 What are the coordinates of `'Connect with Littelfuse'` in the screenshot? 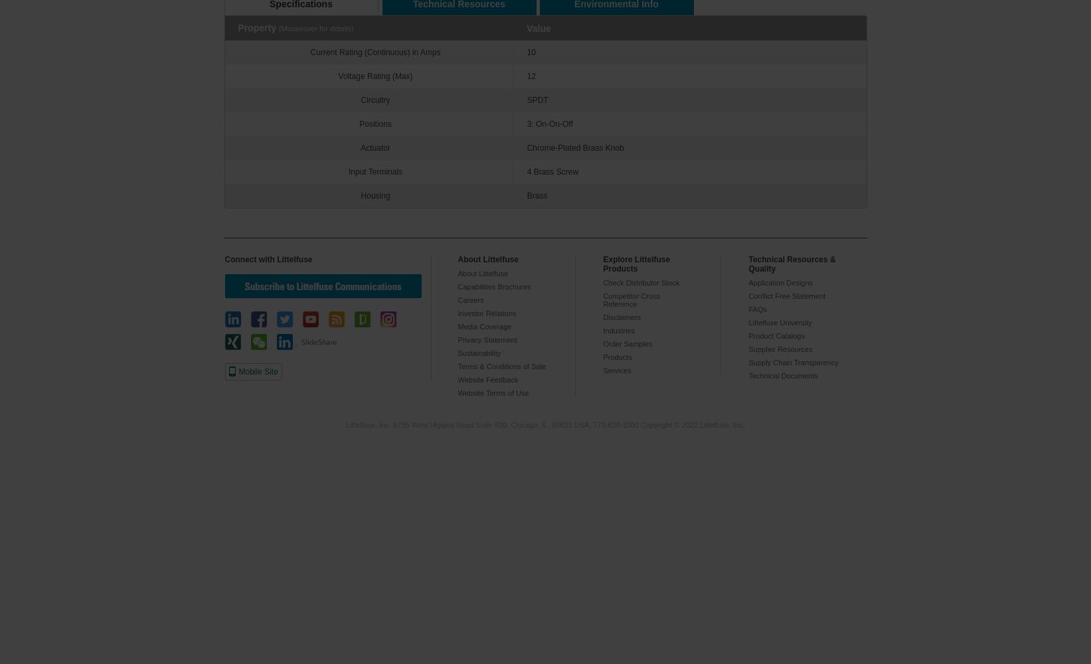 It's located at (268, 260).